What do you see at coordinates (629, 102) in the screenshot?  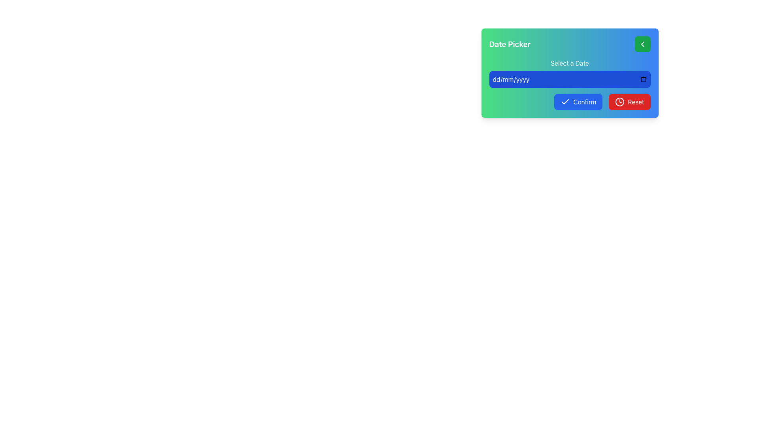 I see `the reset button located immediately to the right of the blue 'Confirm' button at the bottom-right section of the modal interface` at bounding box center [629, 102].